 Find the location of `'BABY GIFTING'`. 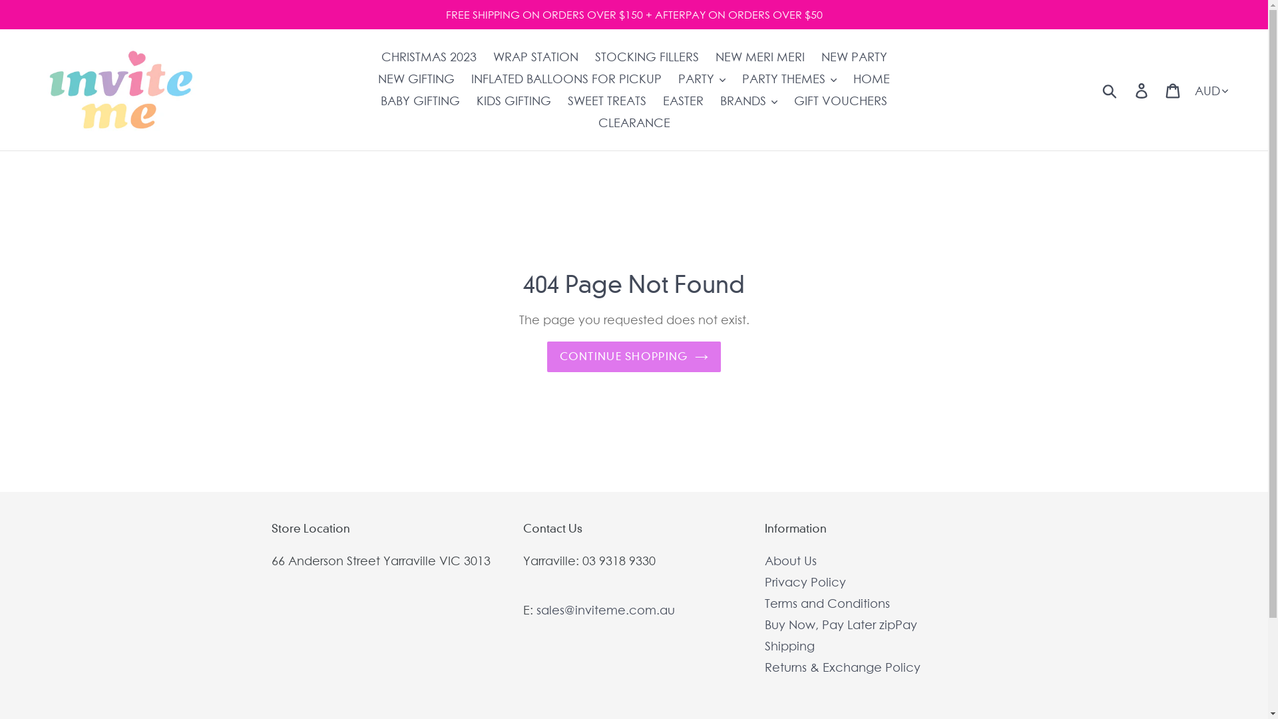

'BABY GIFTING' is located at coordinates (419, 100).